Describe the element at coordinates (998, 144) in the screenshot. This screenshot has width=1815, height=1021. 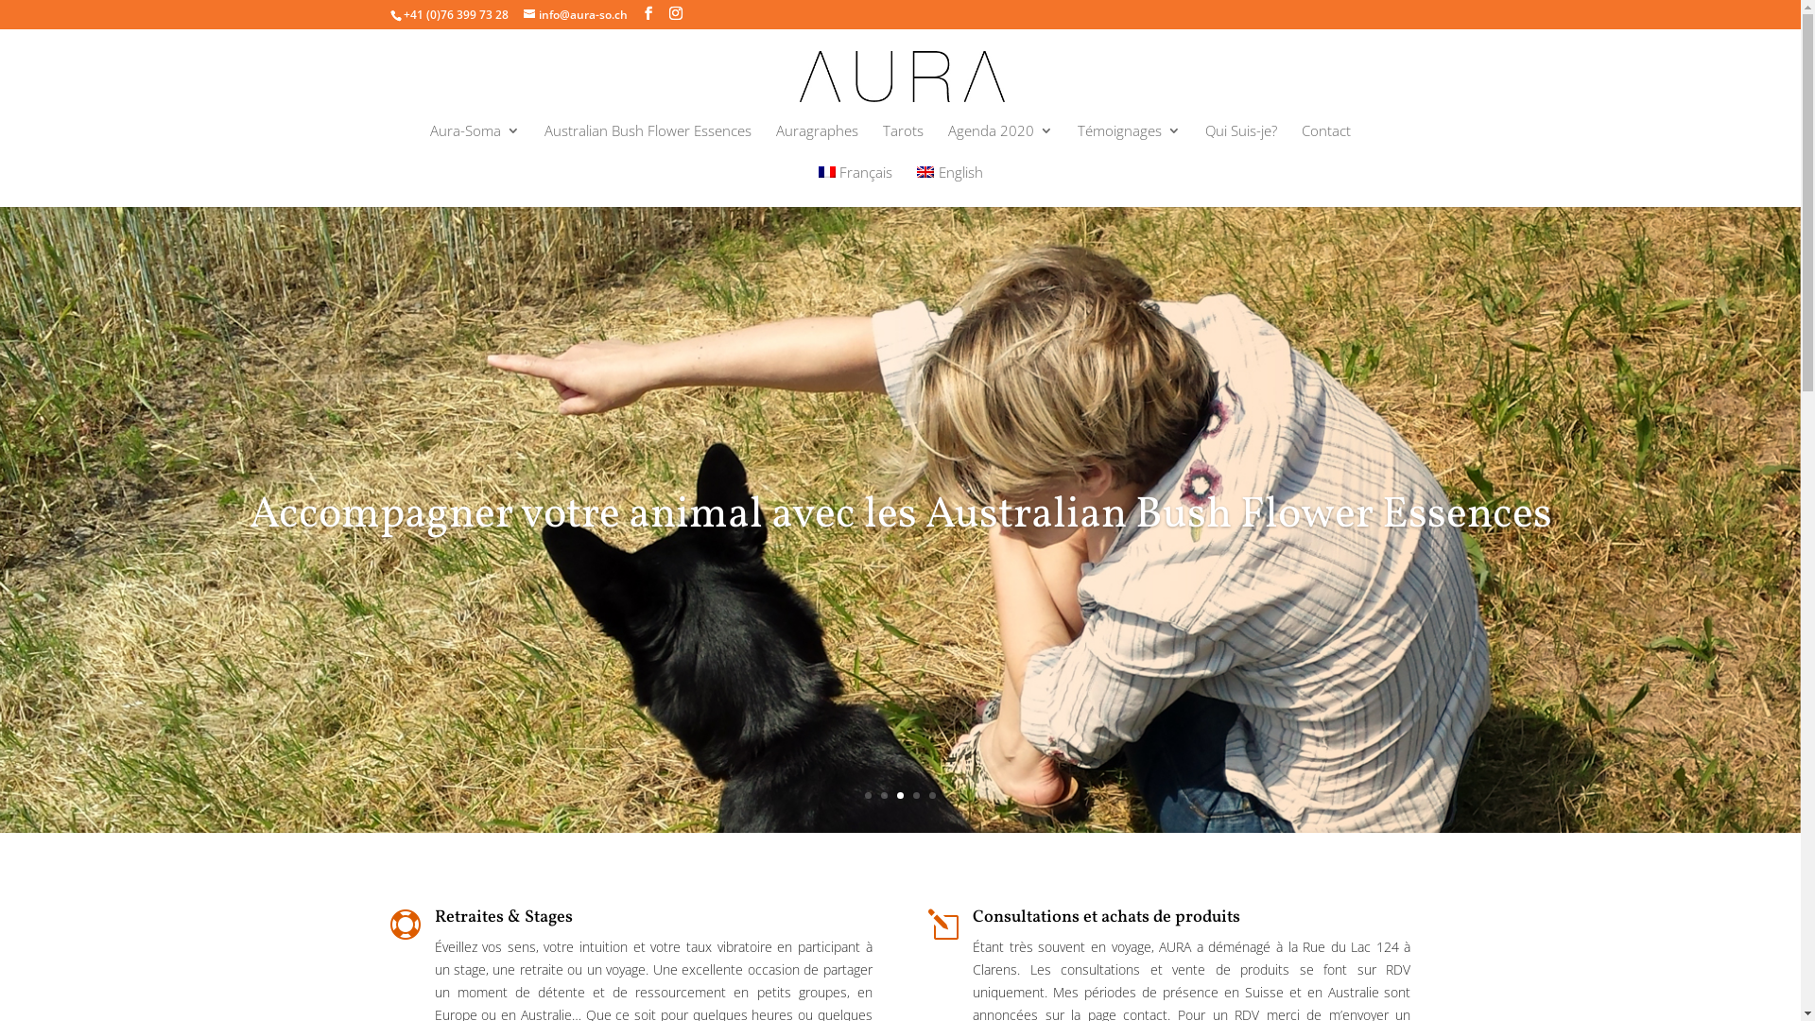
I see `'Agenda 2020'` at that location.